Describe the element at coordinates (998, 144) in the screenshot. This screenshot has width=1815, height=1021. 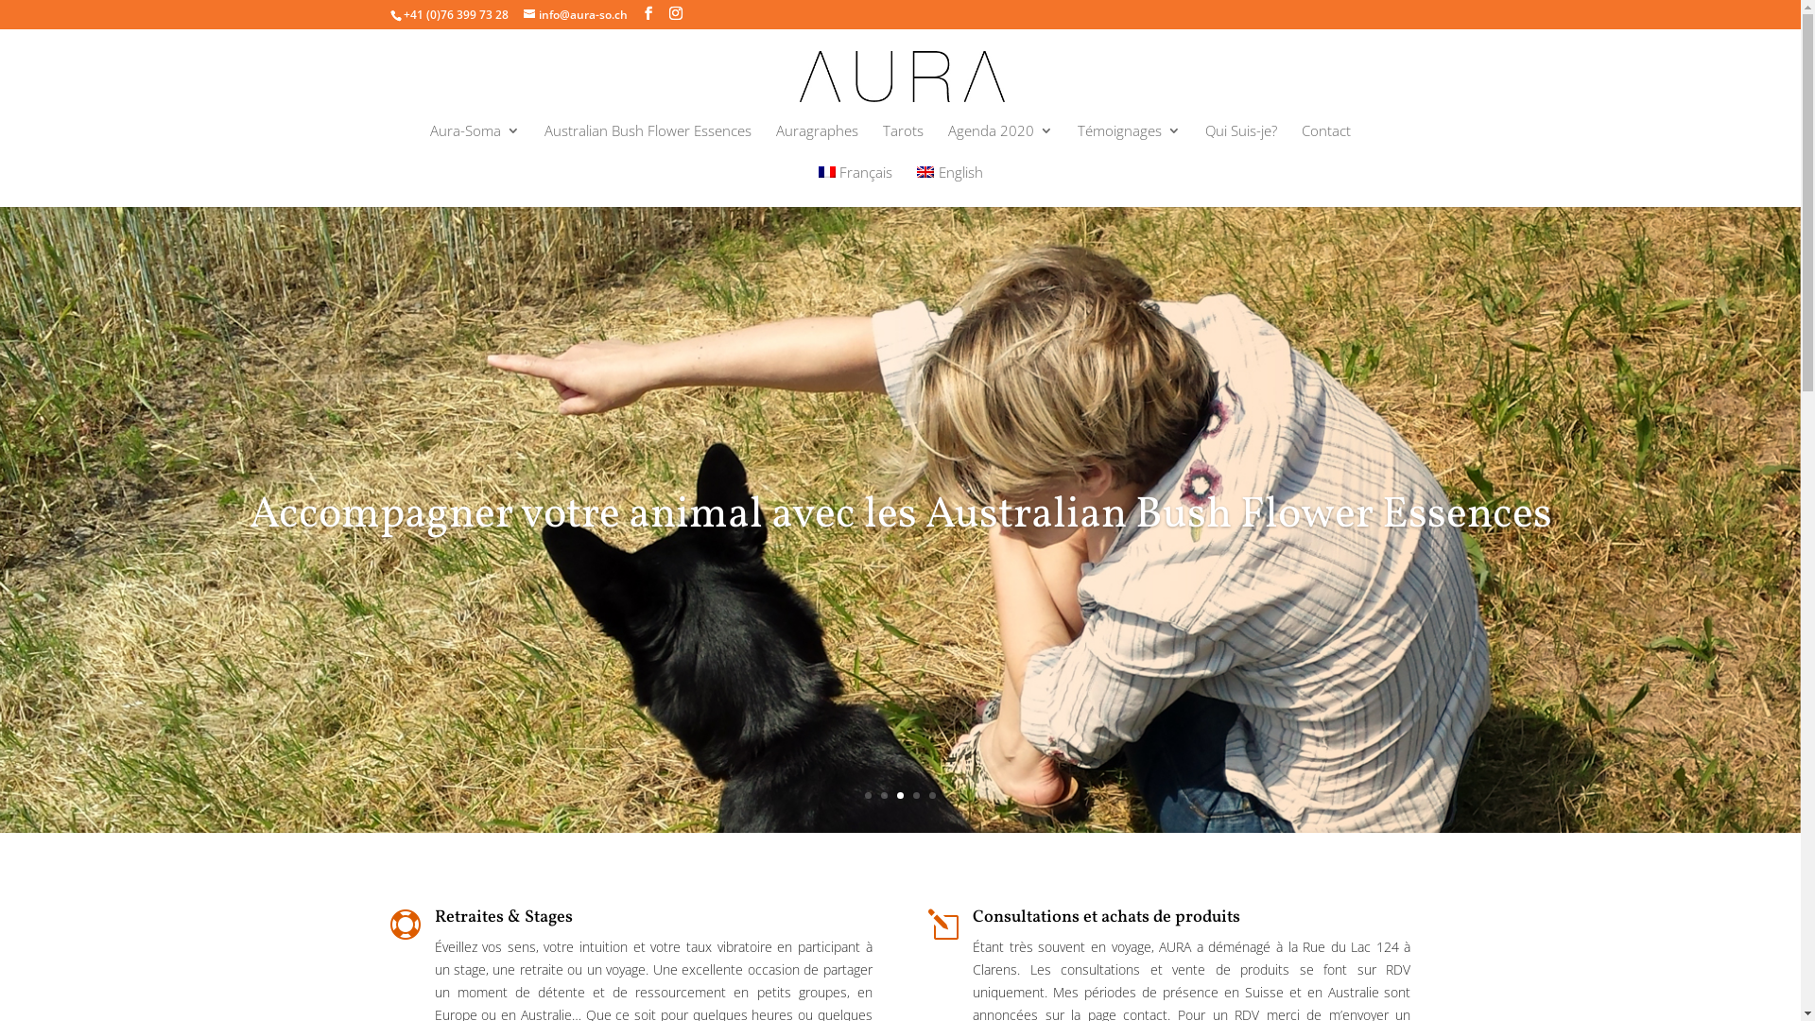
I see `'Agenda 2020'` at that location.